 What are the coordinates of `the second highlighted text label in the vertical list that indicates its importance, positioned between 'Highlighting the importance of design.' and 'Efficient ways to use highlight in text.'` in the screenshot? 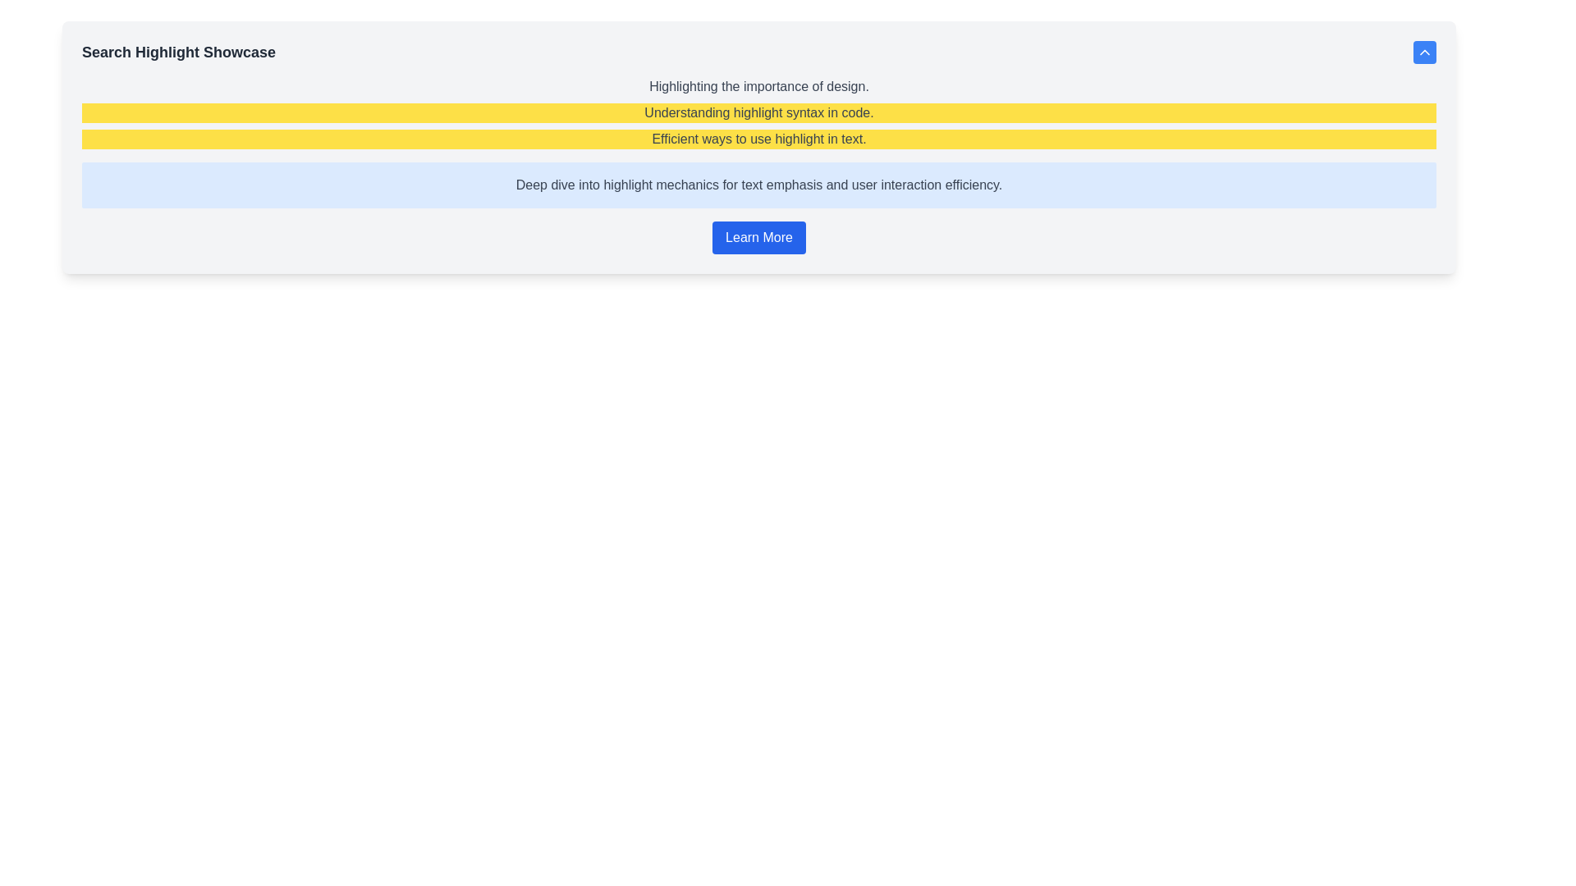 It's located at (758, 112).